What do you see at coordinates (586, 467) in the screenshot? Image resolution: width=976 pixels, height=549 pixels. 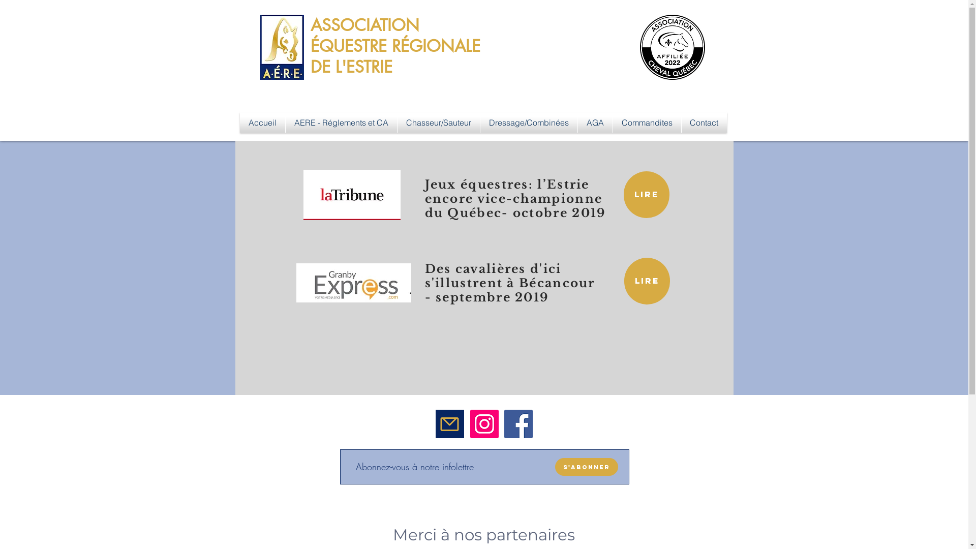 I see `'S'abonner'` at bounding box center [586, 467].